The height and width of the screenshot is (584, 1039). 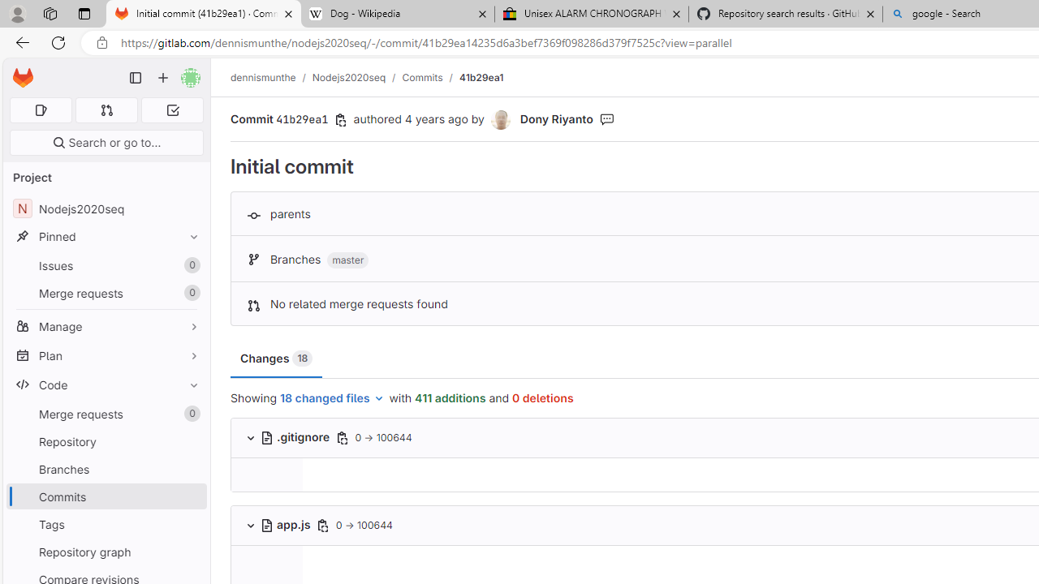 I want to click on '18 changed files', so click(x=332, y=398).